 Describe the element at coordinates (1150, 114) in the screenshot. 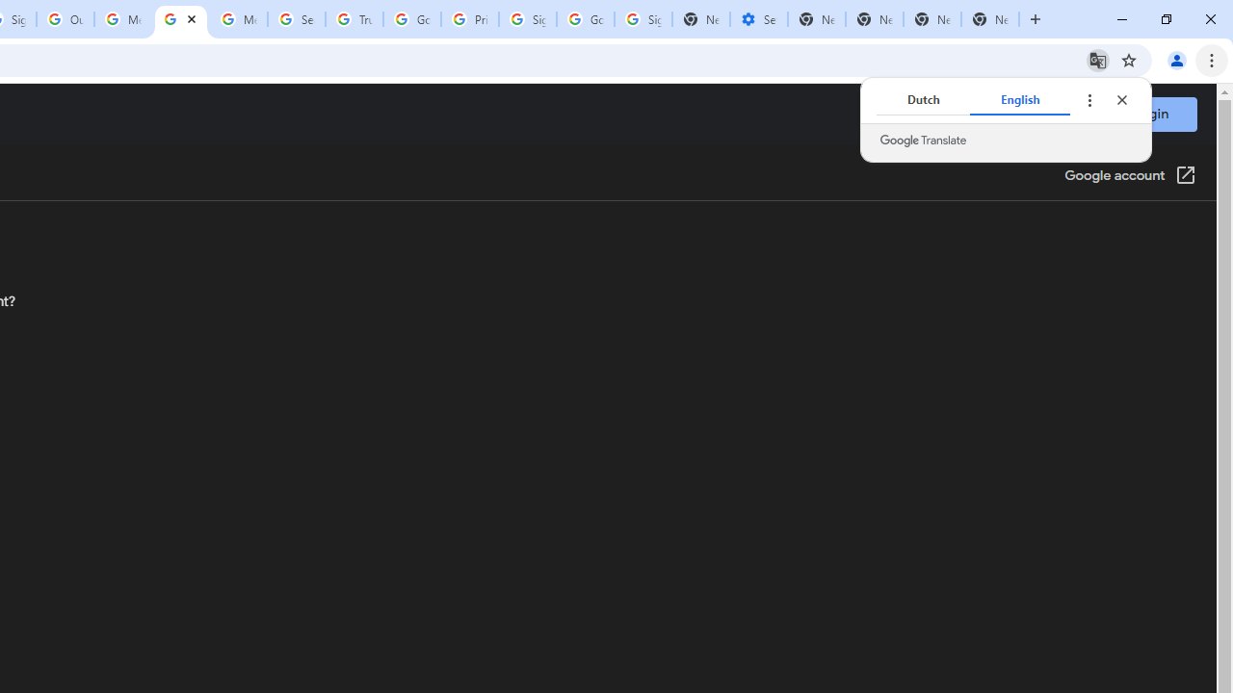

I see `'Login'` at that location.